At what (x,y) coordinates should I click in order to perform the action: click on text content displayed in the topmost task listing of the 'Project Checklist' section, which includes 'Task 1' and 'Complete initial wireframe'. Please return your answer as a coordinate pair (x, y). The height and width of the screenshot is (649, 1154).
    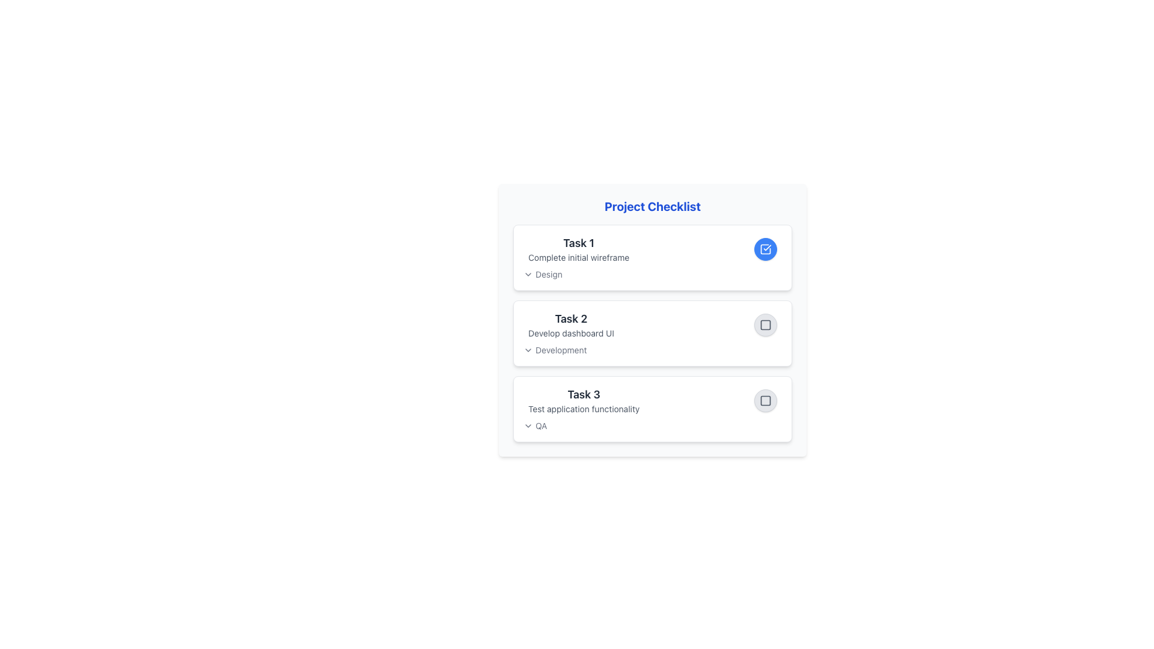
    Looking at the image, I should click on (579, 249).